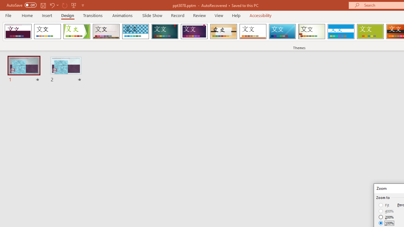 The width and height of the screenshot is (404, 227). What do you see at coordinates (386, 223) in the screenshot?
I see `'100%'` at bounding box center [386, 223].